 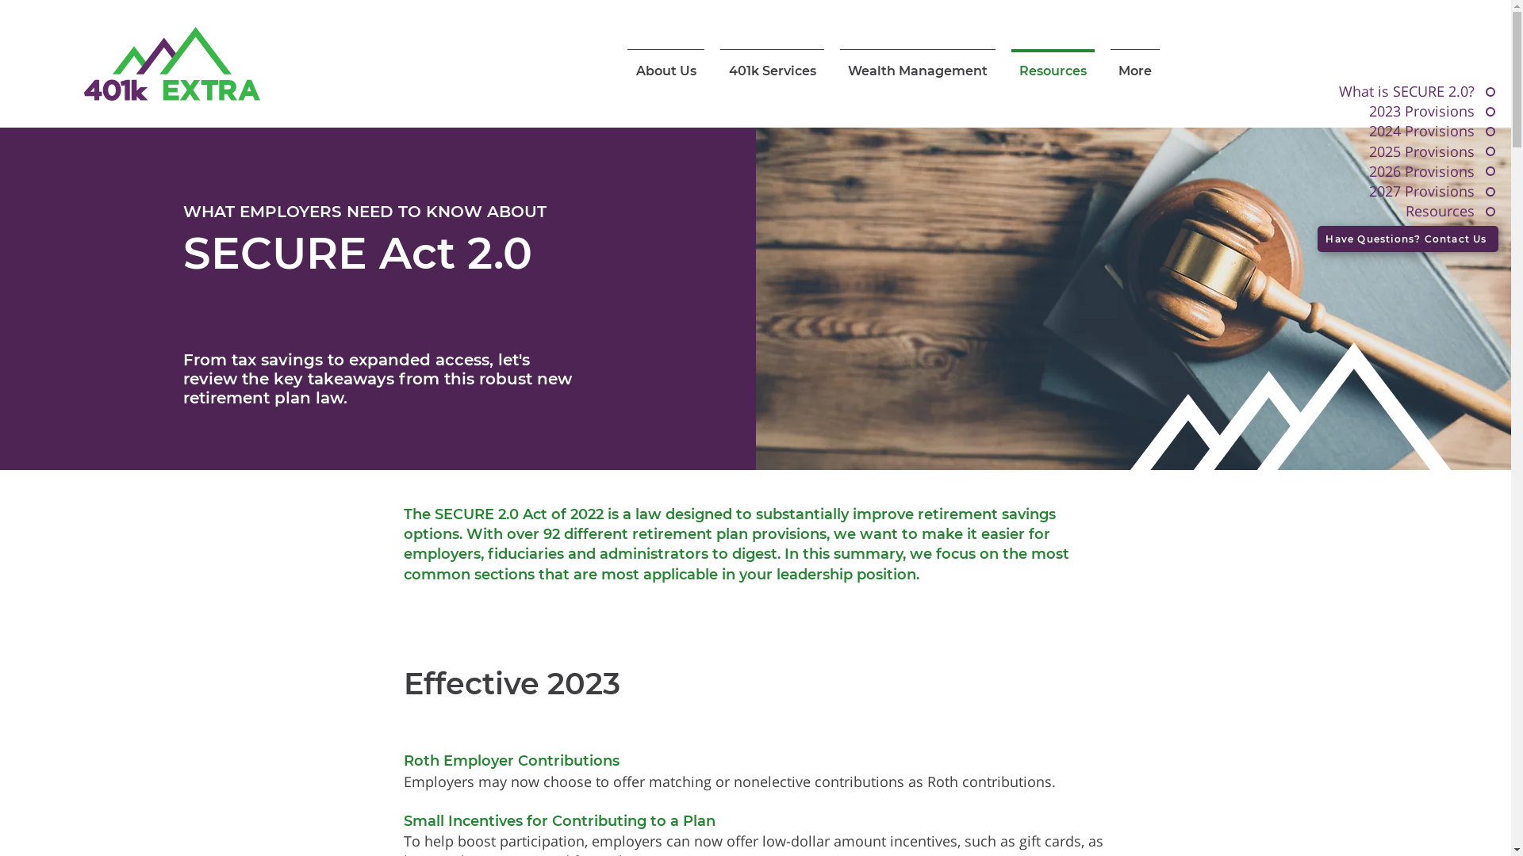 What do you see at coordinates (1365, 151) in the screenshot?
I see `'2025 Provisions'` at bounding box center [1365, 151].